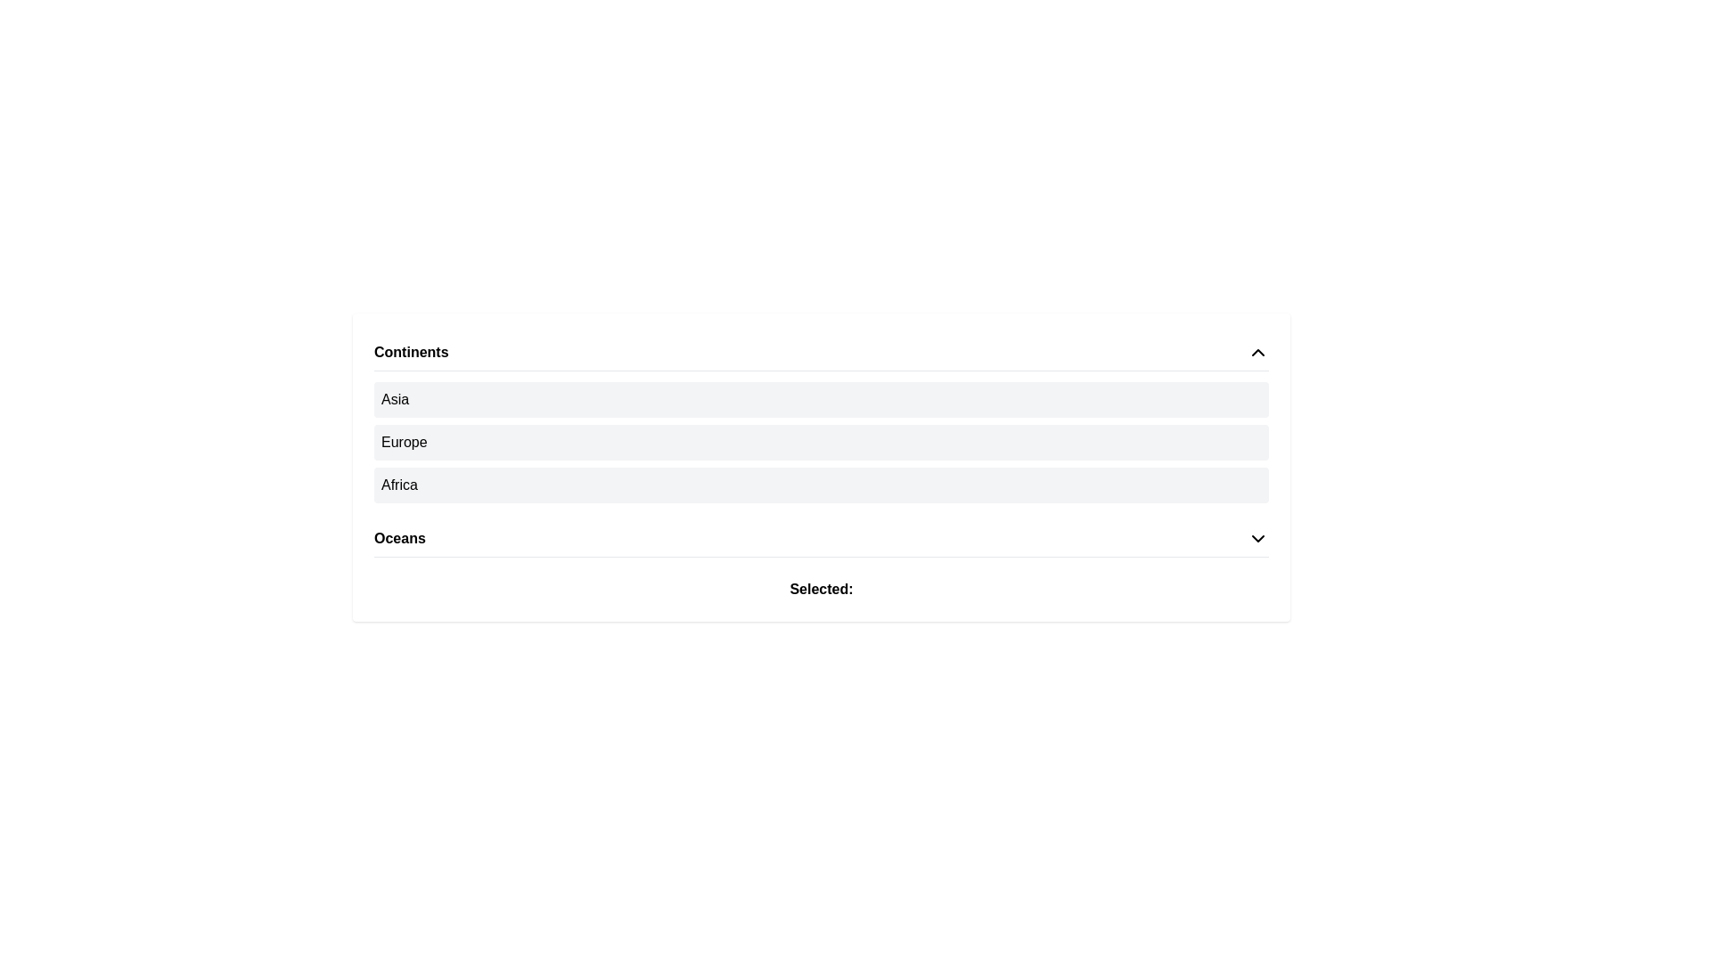 This screenshot has height=962, width=1711. What do you see at coordinates (820, 485) in the screenshot?
I see `the List item labeled 'Africa' in the vertical list of continents` at bounding box center [820, 485].